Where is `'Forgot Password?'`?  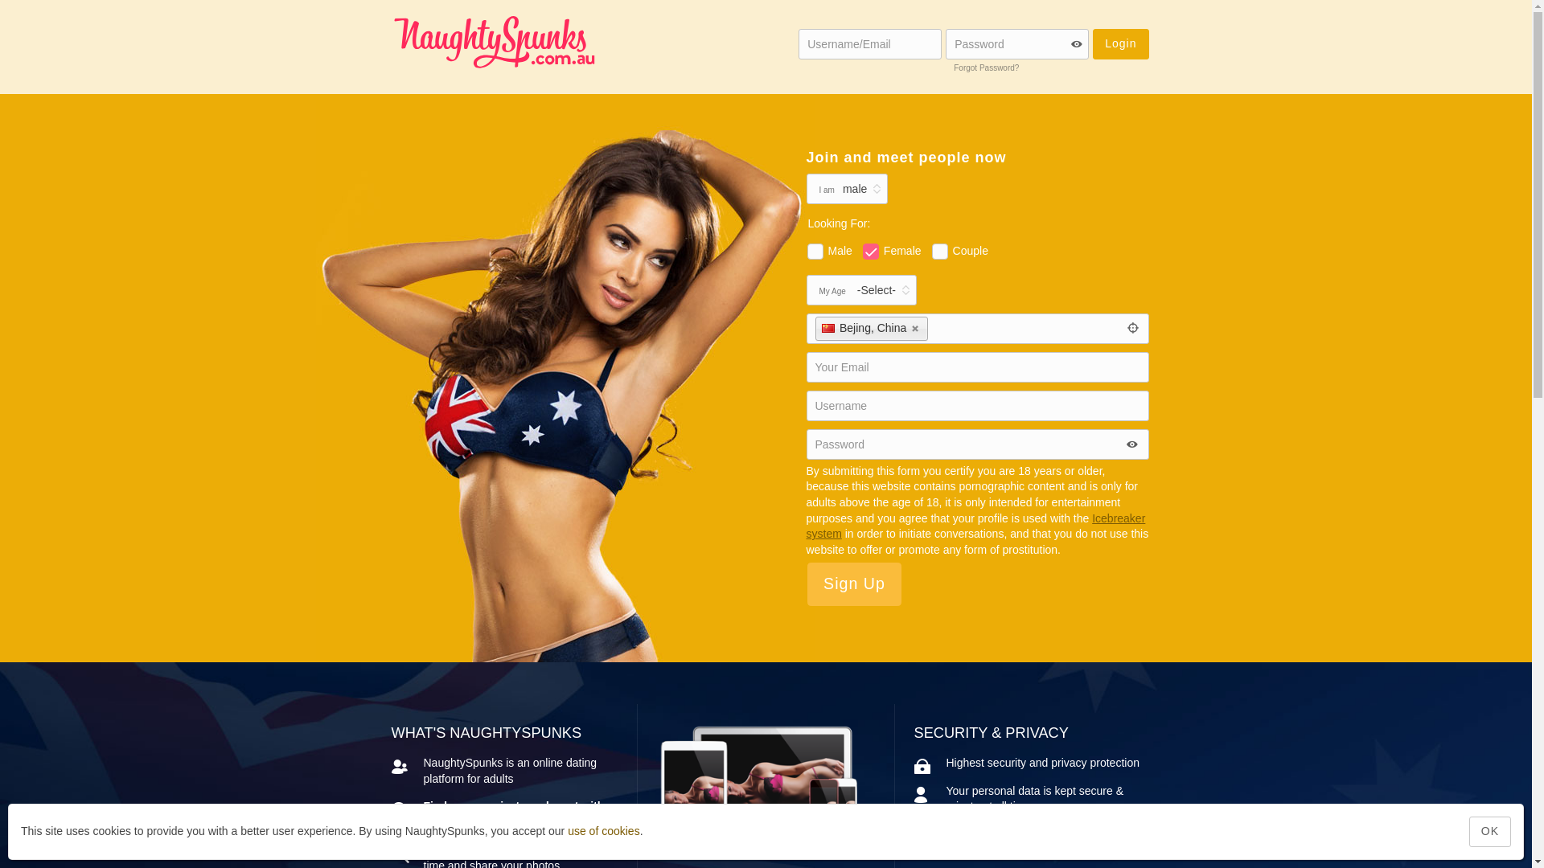
'Forgot Password?' is located at coordinates (985, 67).